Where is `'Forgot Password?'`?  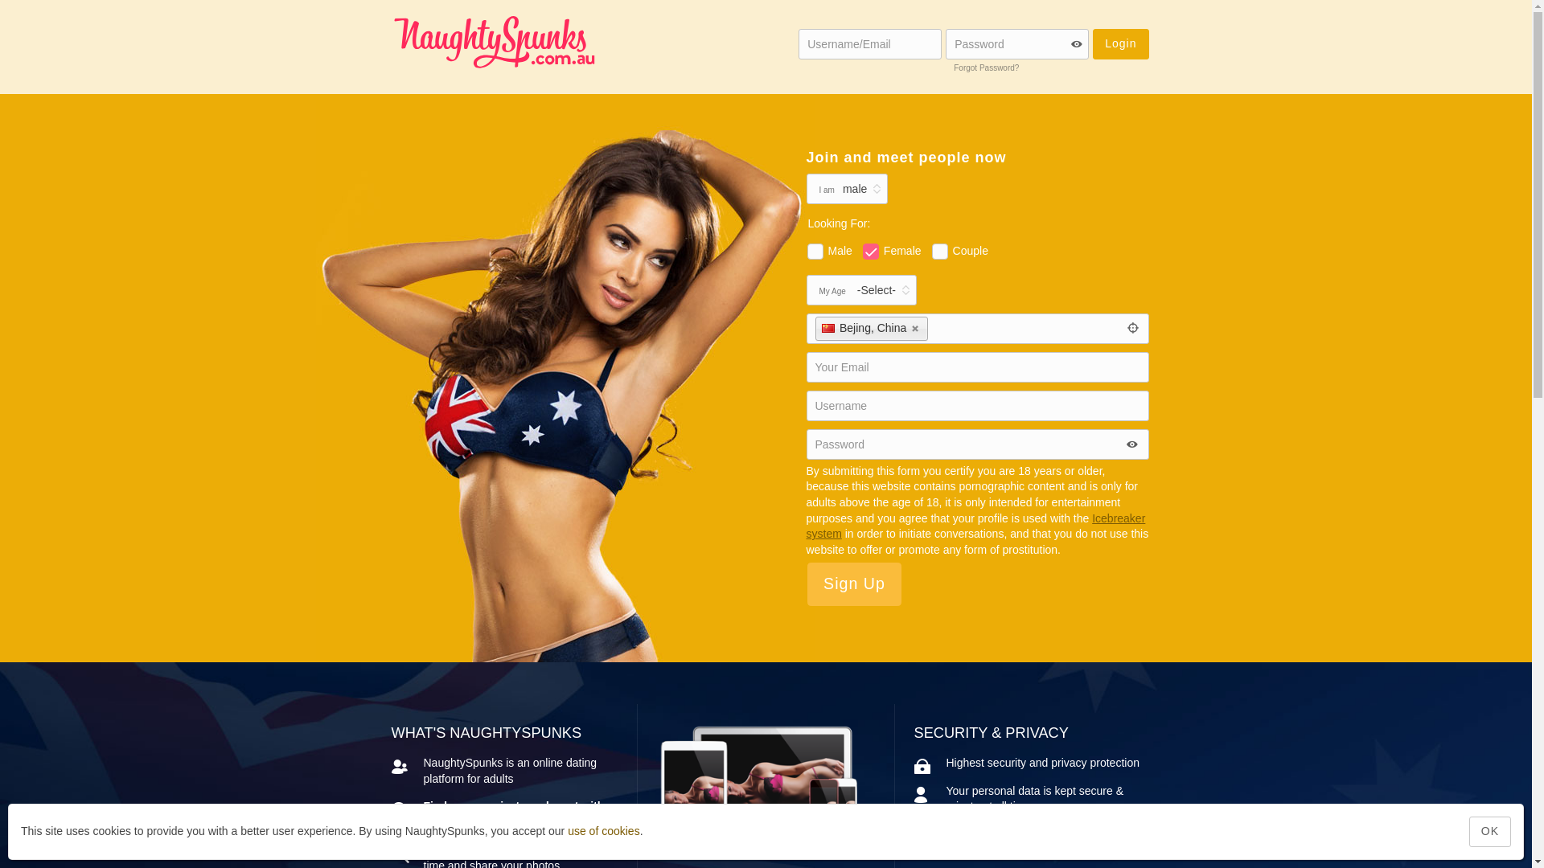
'Forgot Password?' is located at coordinates (985, 67).